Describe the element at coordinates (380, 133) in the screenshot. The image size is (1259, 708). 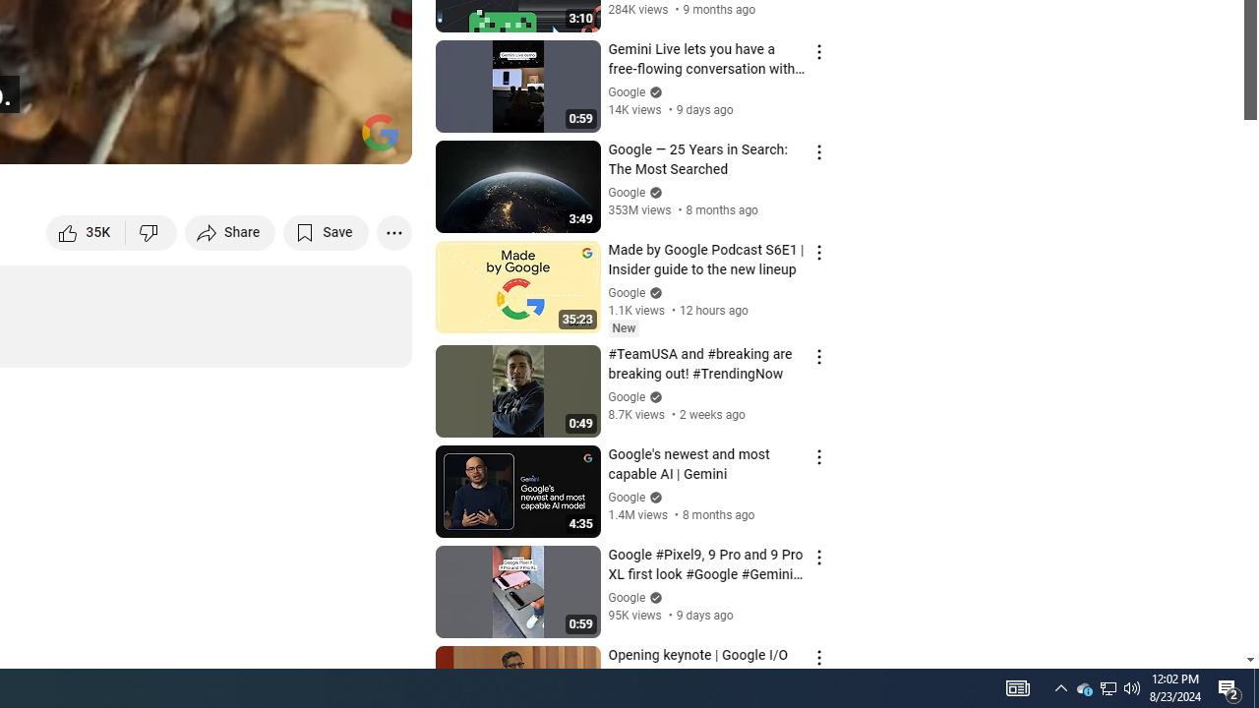
I see `'Channel watermark'` at that location.